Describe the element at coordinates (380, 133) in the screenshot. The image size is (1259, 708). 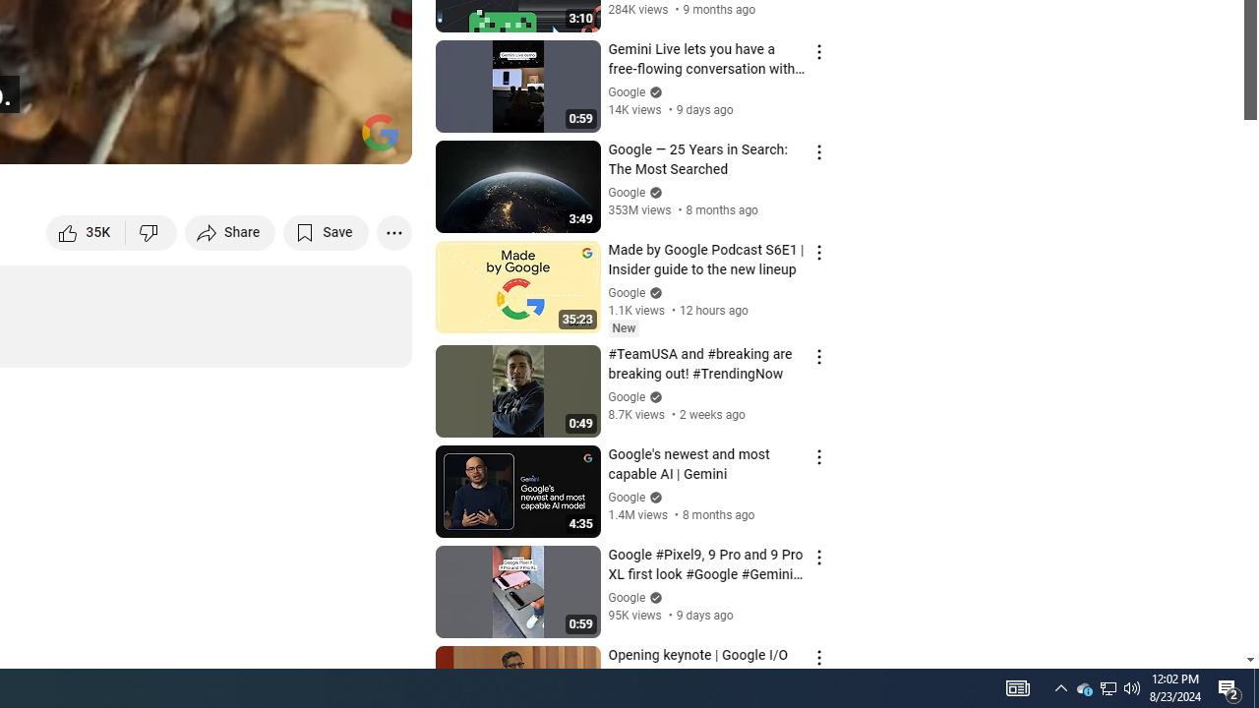
I see `'Channel watermark'` at that location.